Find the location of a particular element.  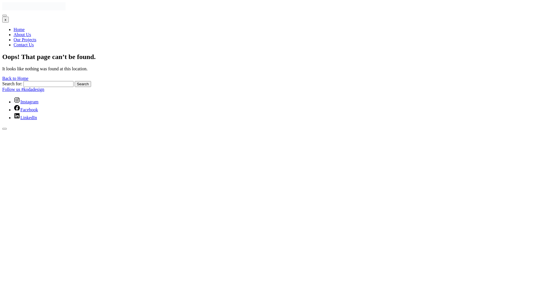

'LinkedIn' is located at coordinates (25, 117).